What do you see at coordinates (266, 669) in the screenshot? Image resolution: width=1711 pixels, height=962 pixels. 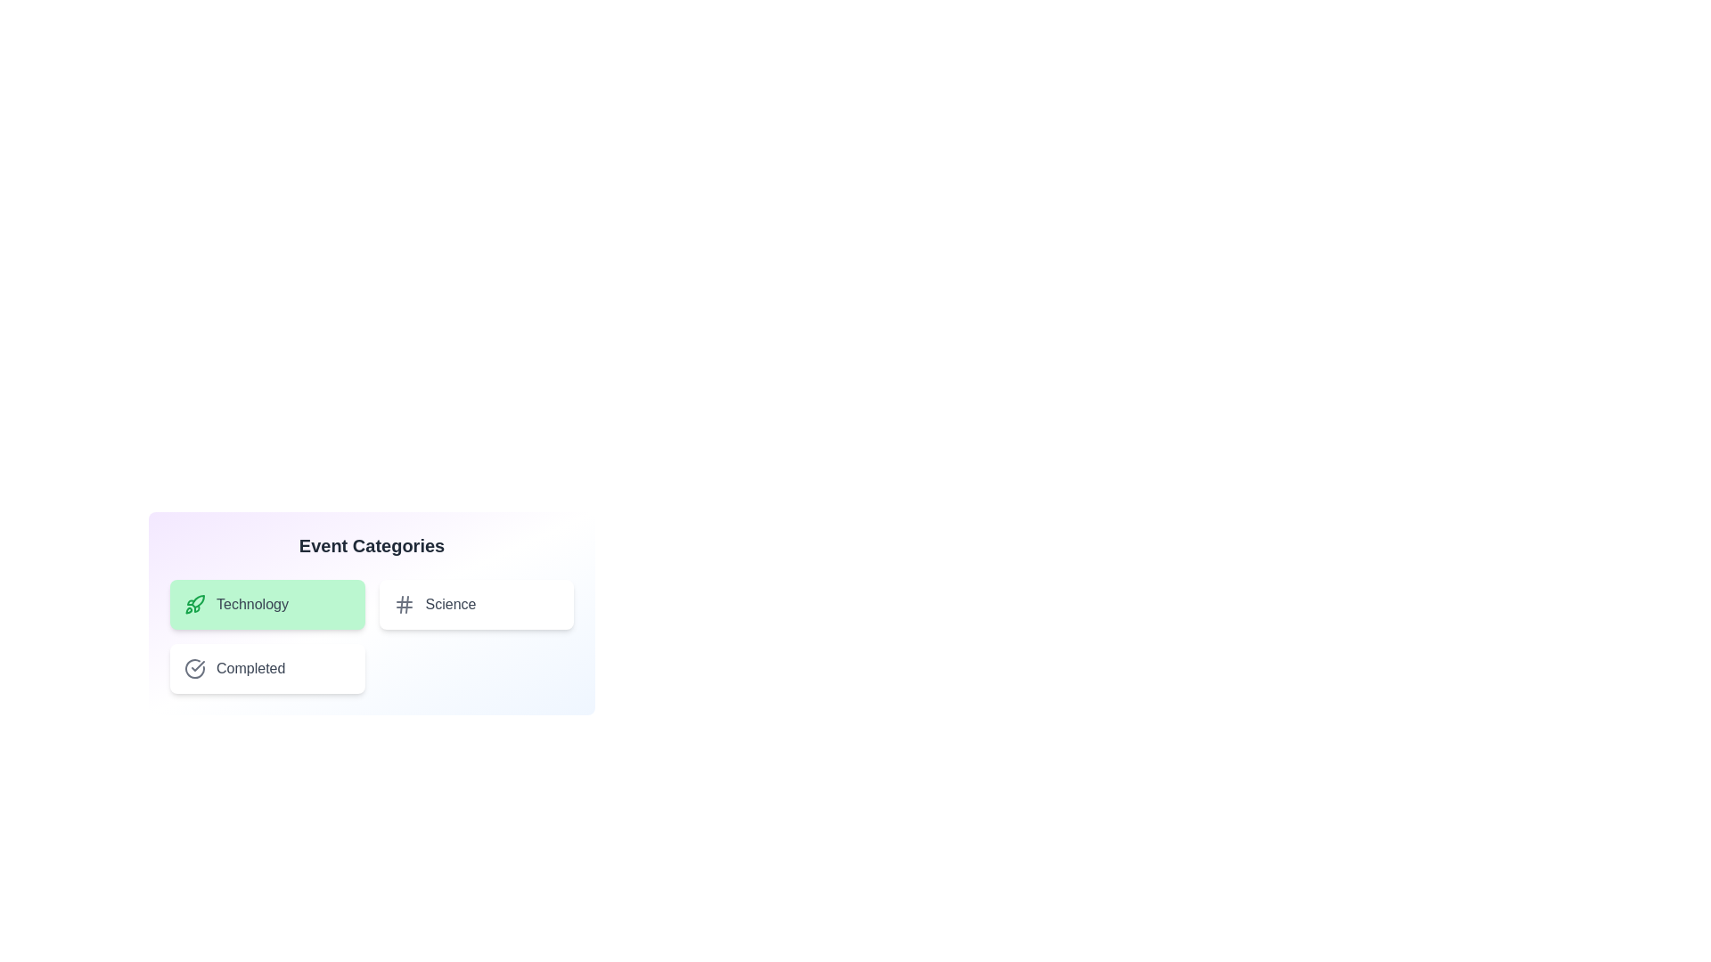 I see `the category chip labeled Completed to open its context menu` at bounding box center [266, 669].